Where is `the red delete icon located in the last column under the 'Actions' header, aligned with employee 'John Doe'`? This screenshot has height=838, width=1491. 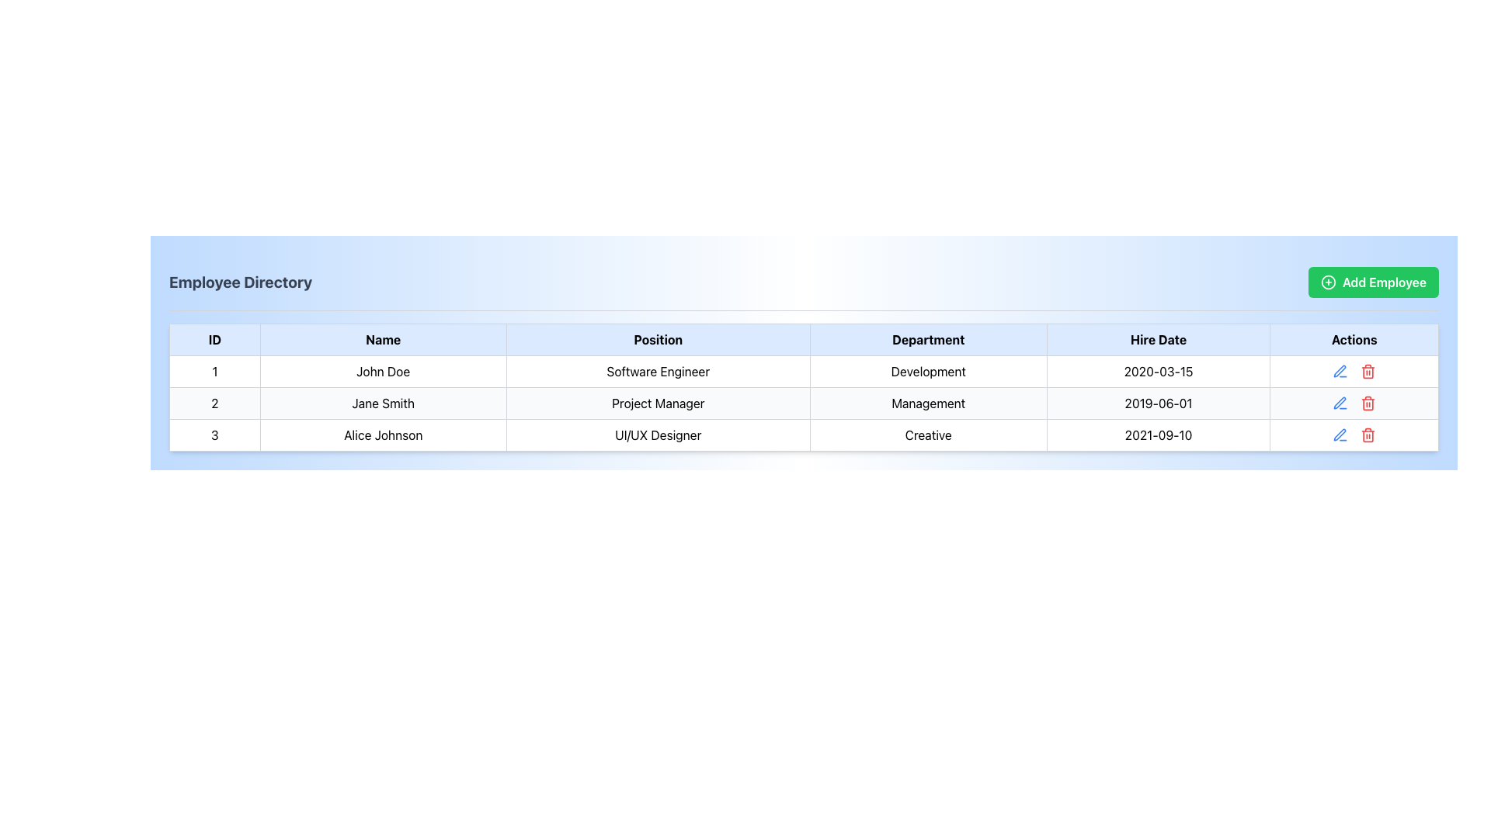 the red delete icon located in the last column under the 'Actions' header, aligned with employee 'John Doe' is located at coordinates (1353, 371).